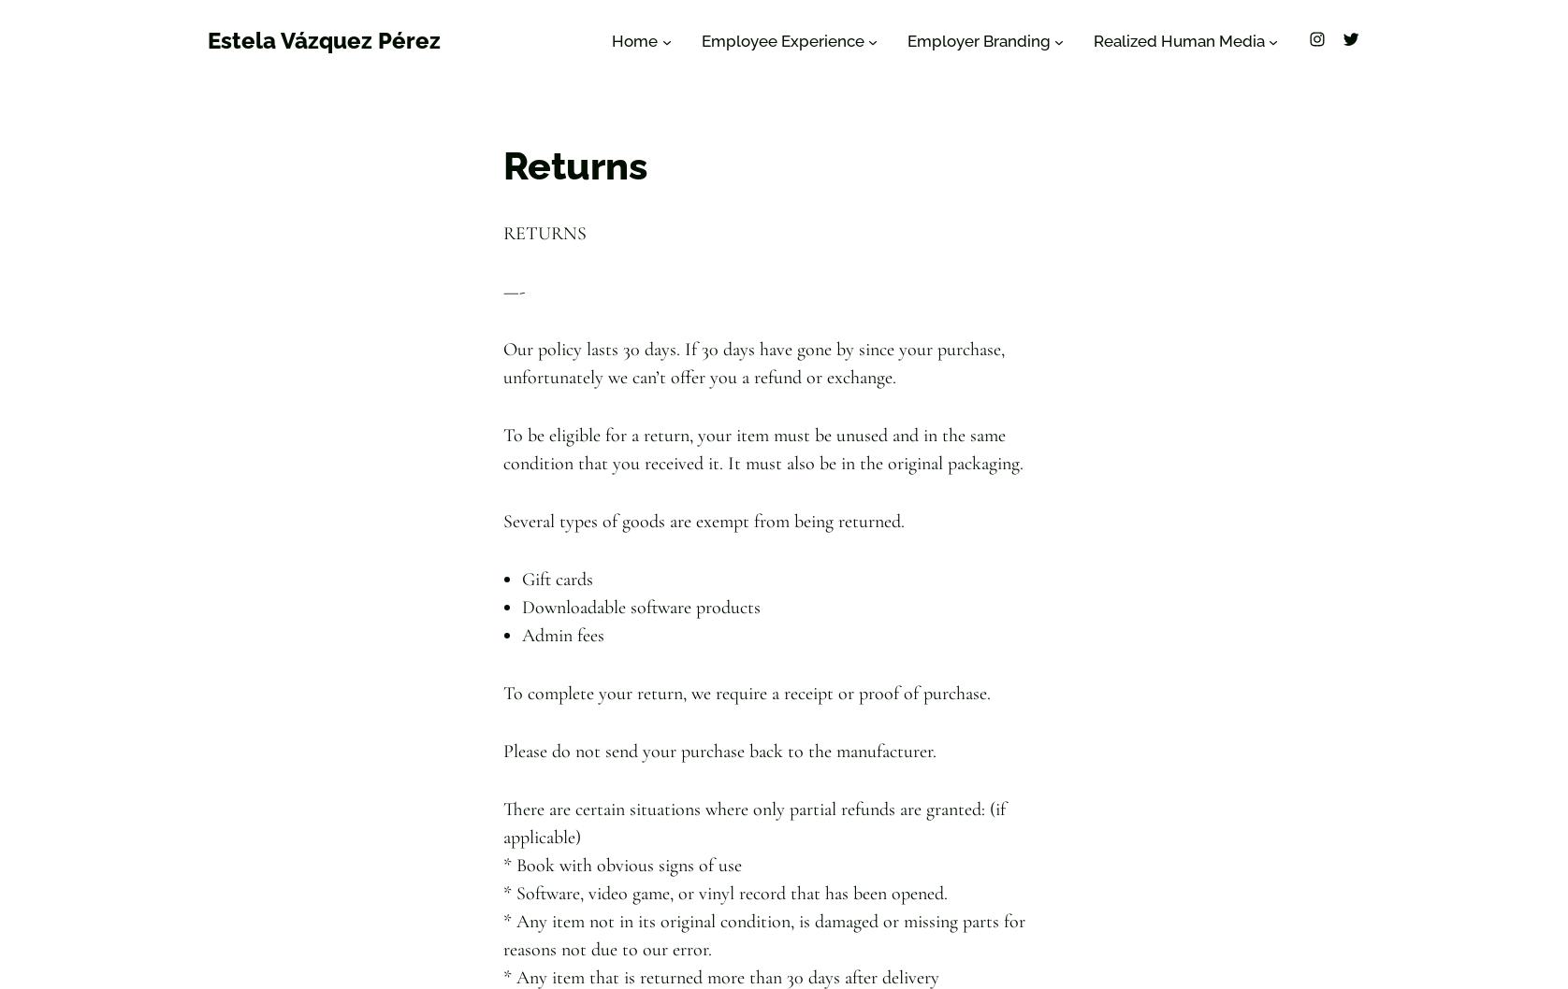  What do you see at coordinates (574, 165) in the screenshot?
I see `'Returns'` at bounding box center [574, 165].